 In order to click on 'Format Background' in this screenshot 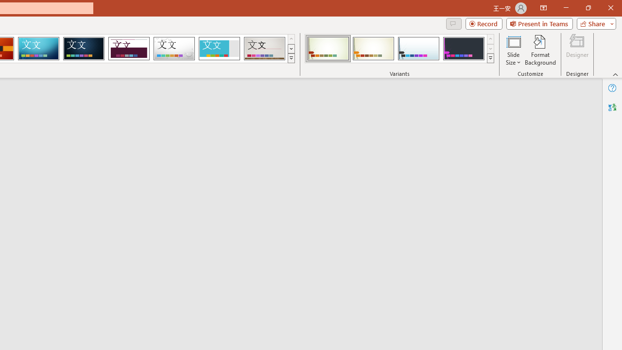, I will do `click(540, 50)`.